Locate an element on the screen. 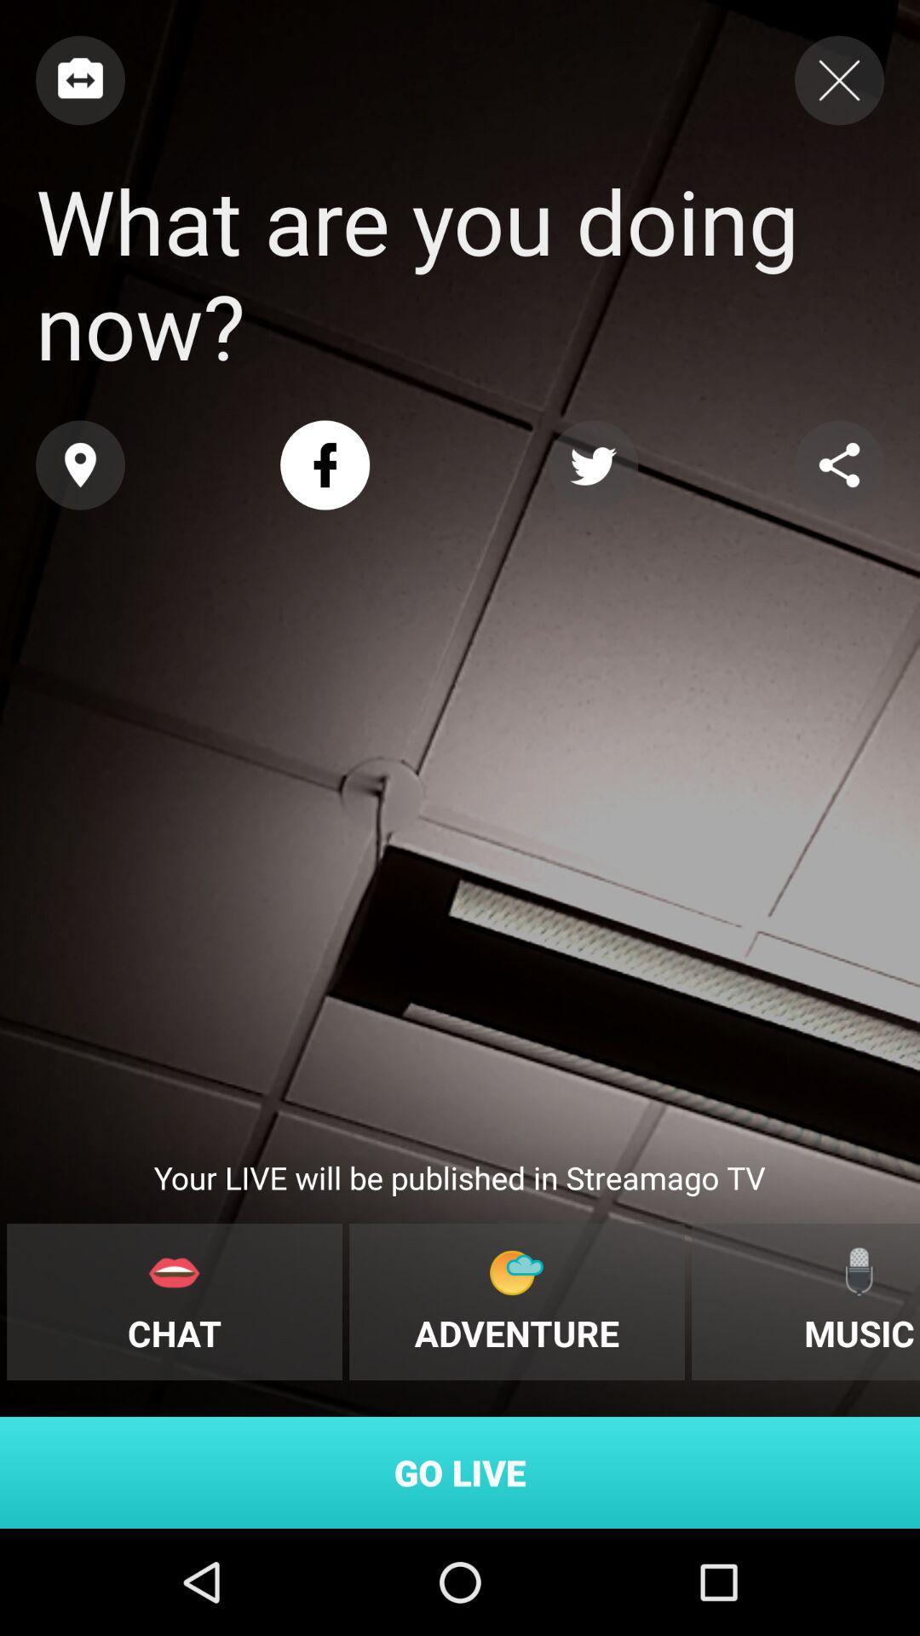 The height and width of the screenshot is (1636, 920). the location icon is located at coordinates (80, 465).